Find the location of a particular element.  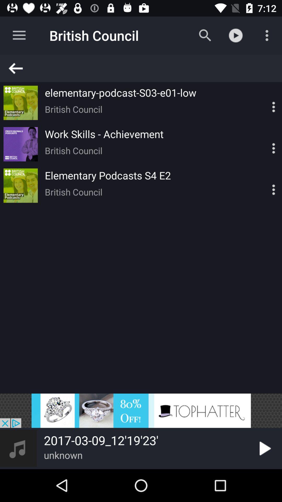

previous is located at coordinates (143, 68).